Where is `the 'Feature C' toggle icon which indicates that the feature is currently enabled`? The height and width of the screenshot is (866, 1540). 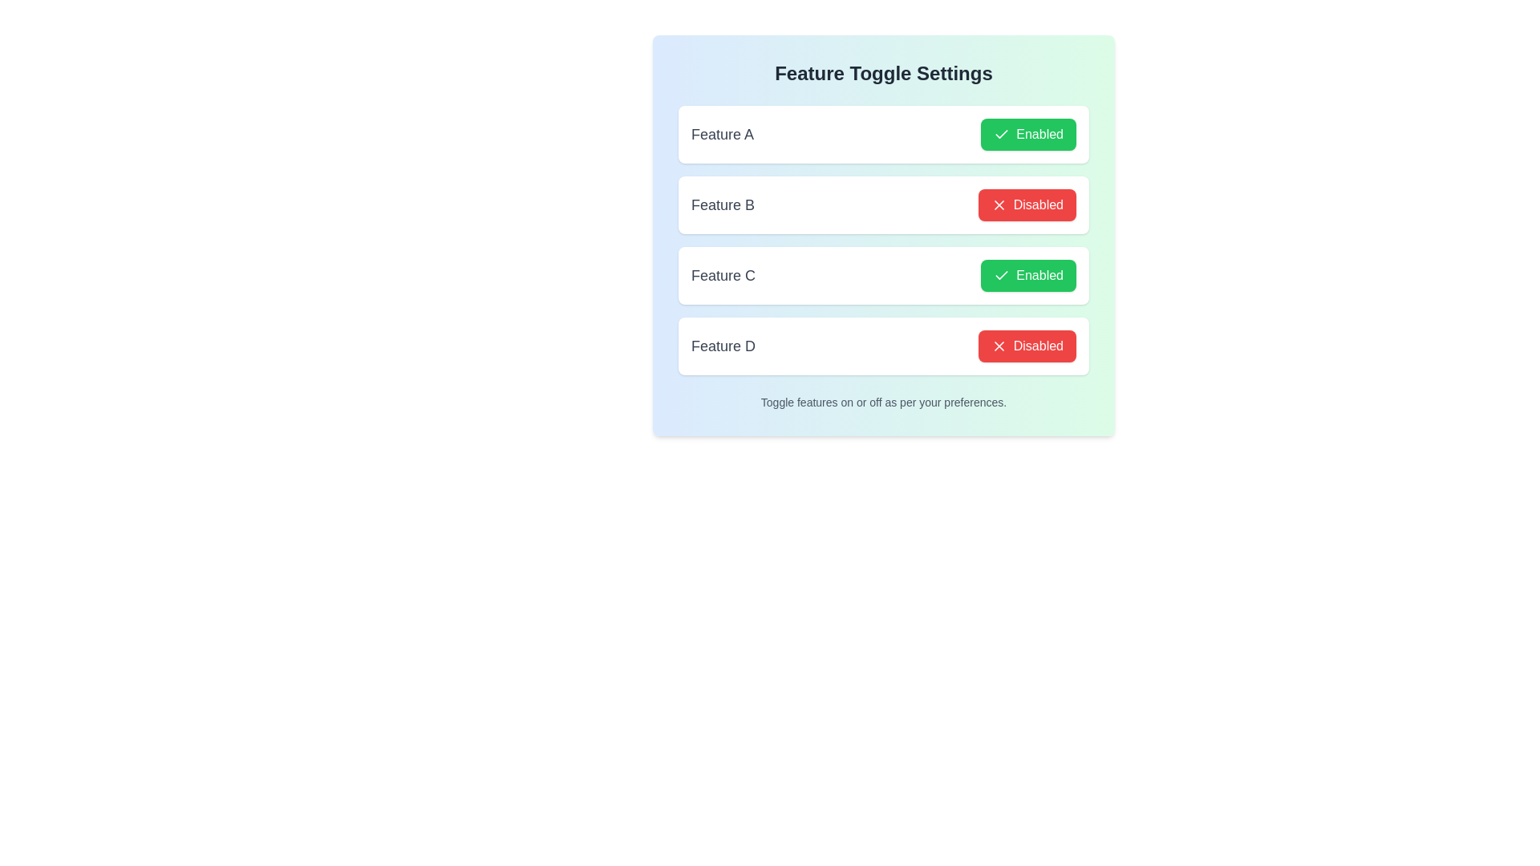
the 'Feature C' toggle icon which indicates that the feature is currently enabled is located at coordinates (1001, 274).